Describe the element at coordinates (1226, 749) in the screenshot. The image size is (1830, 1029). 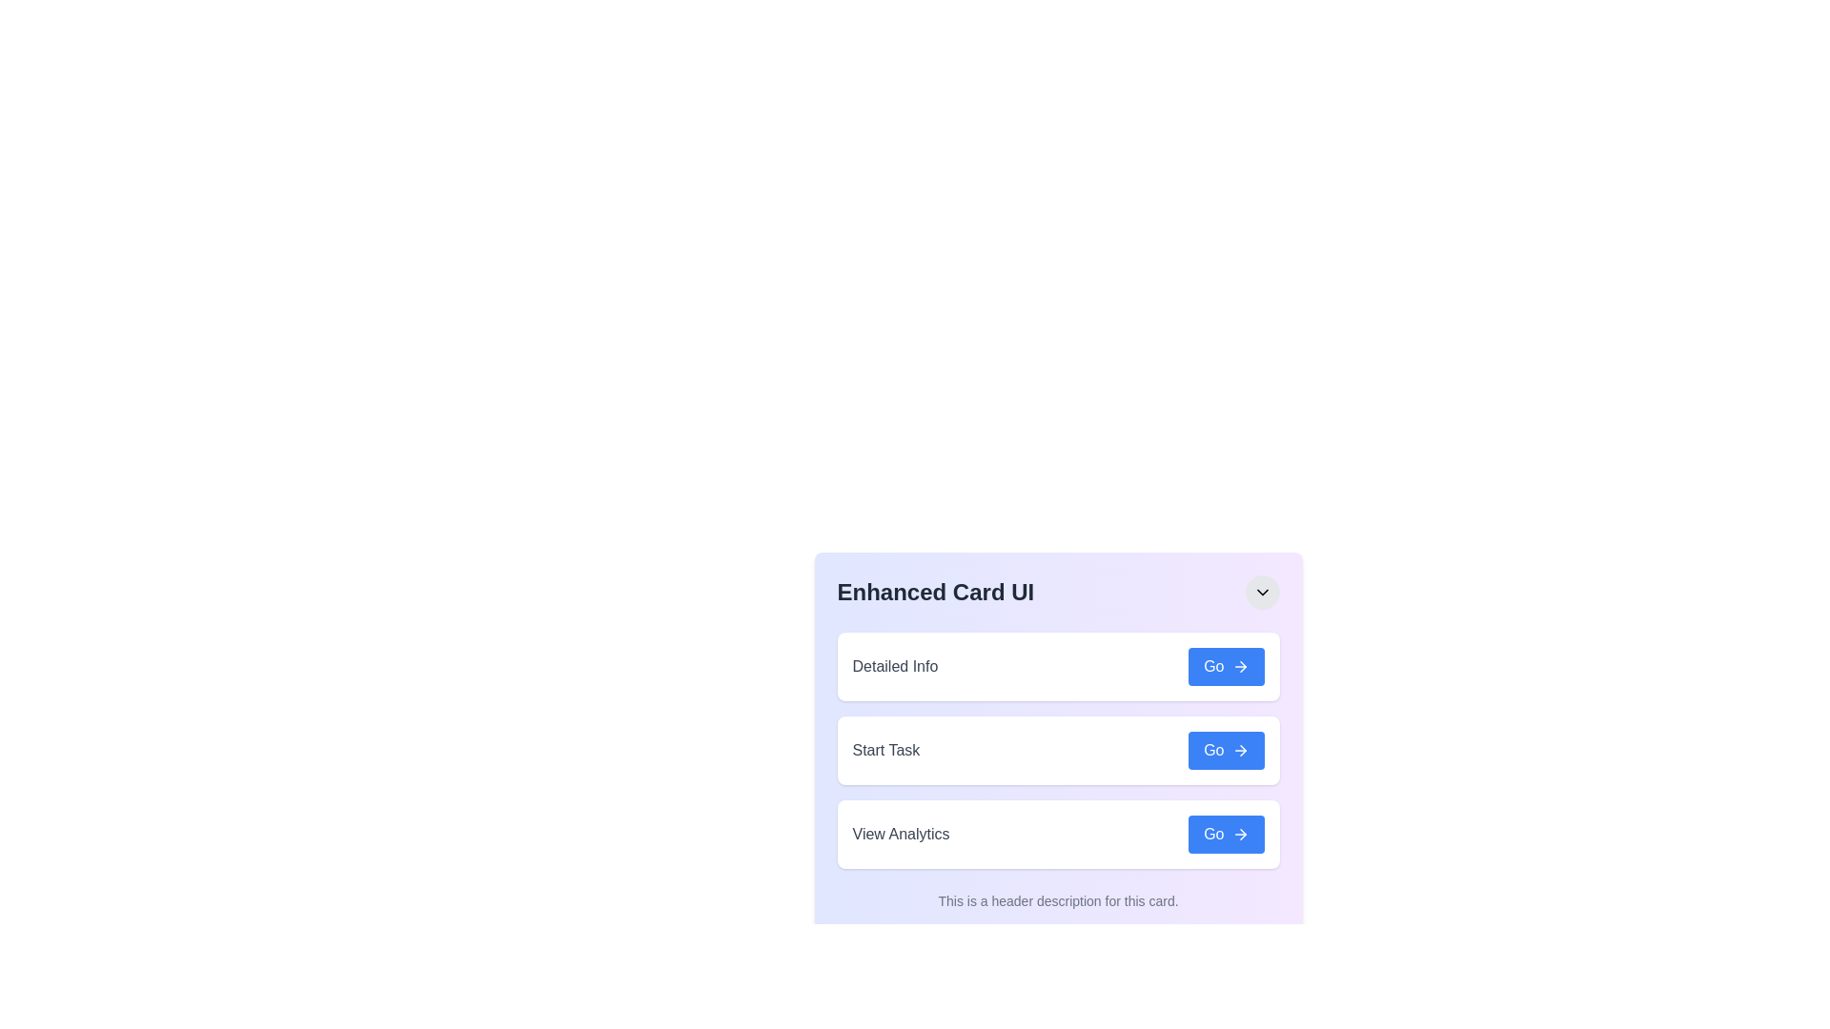
I see `the 'Go' button with a blue background and white text located in the bottom-right corner of the 'Start Task' row to observe its hover effects` at that location.